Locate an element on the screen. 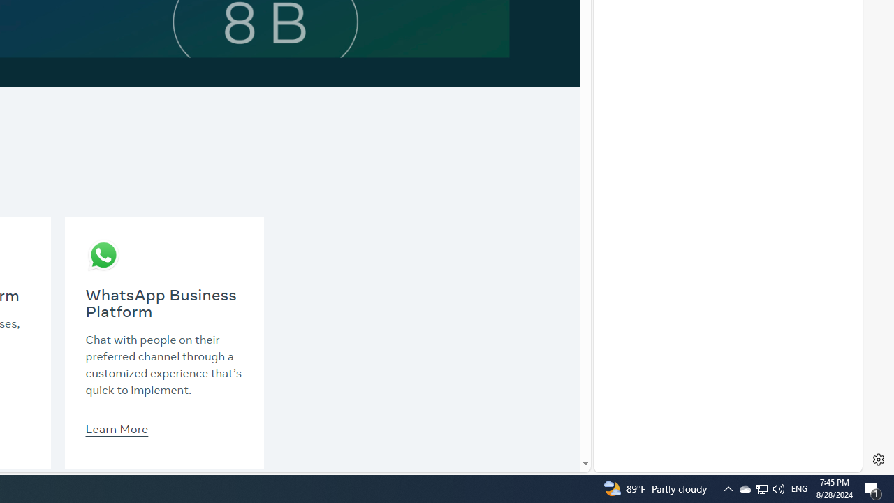 This screenshot has width=894, height=503. 'Learn More' is located at coordinates (117, 428).